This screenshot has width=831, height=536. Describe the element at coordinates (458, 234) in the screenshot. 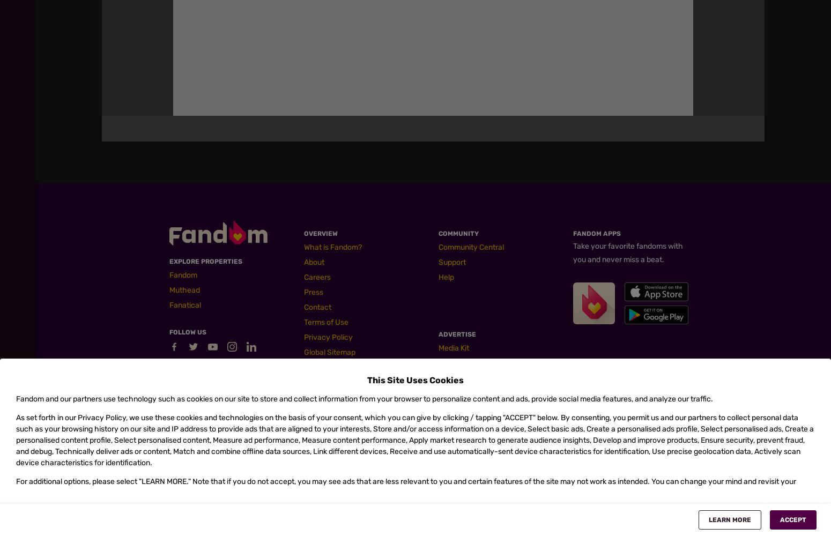

I see `'Community'` at that location.